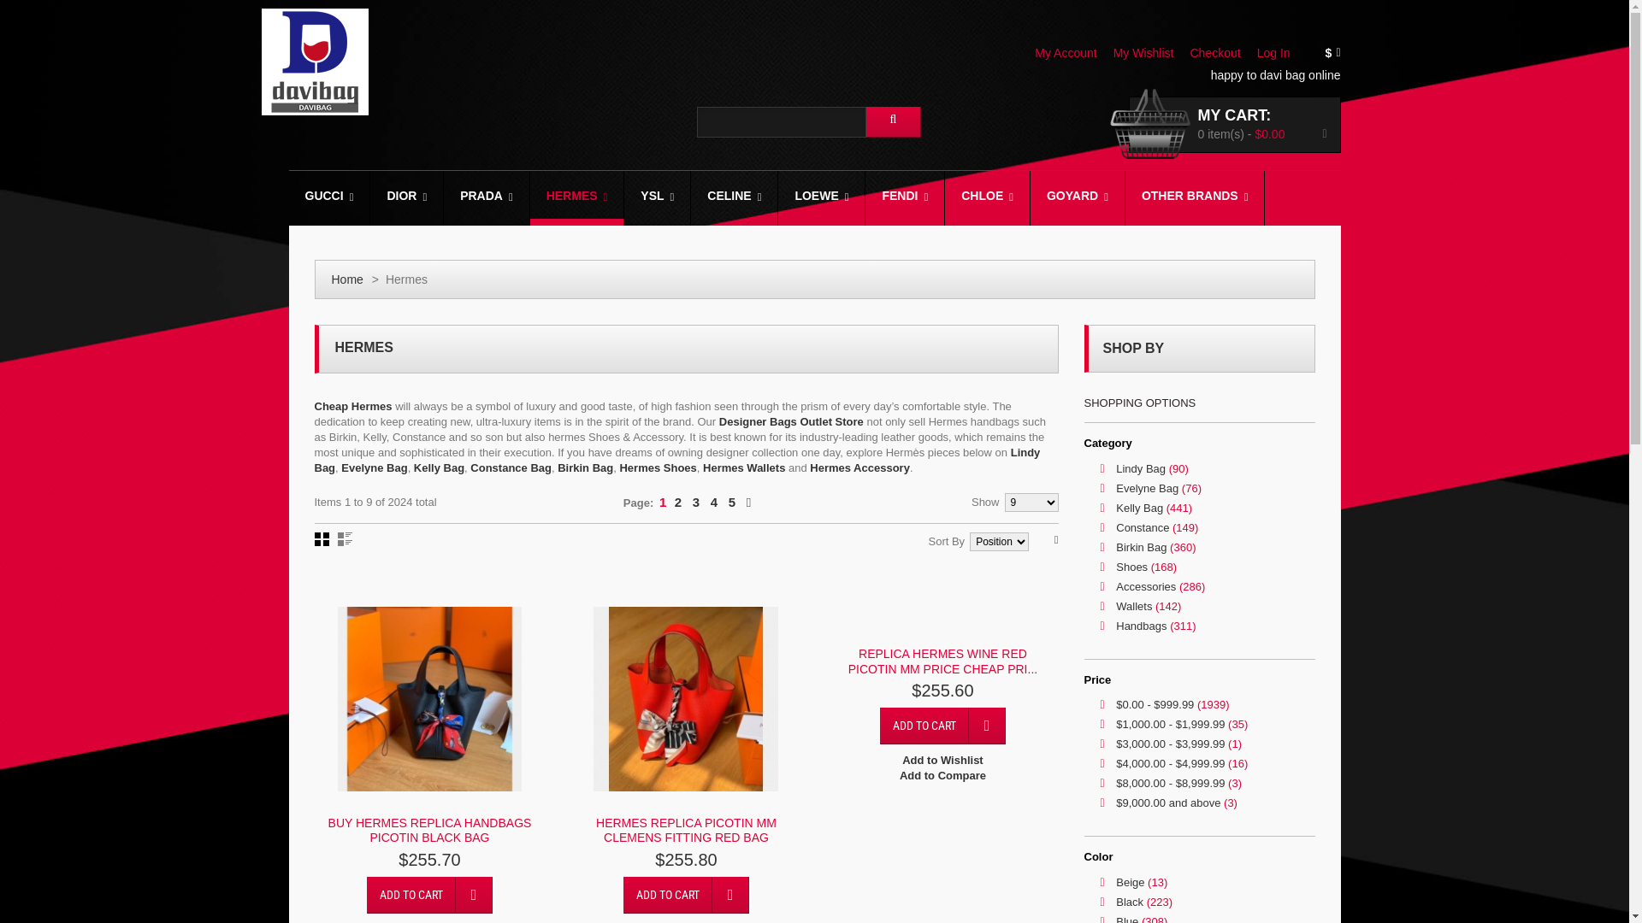  What do you see at coordinates (510, 467) in the screenshot?
I see `'Constance Bag'` at bounding box center [510, 467].